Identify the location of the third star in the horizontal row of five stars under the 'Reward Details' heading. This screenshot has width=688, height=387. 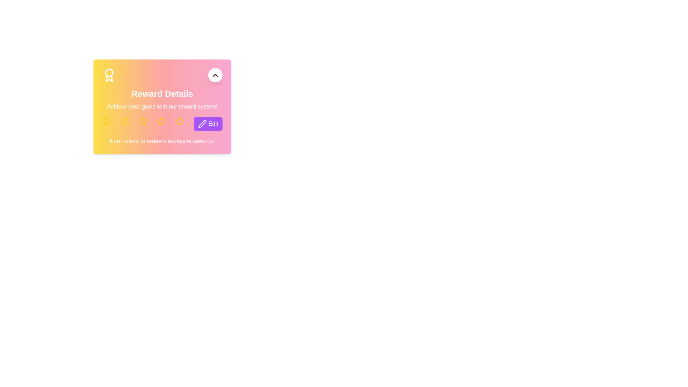
(143, 120).